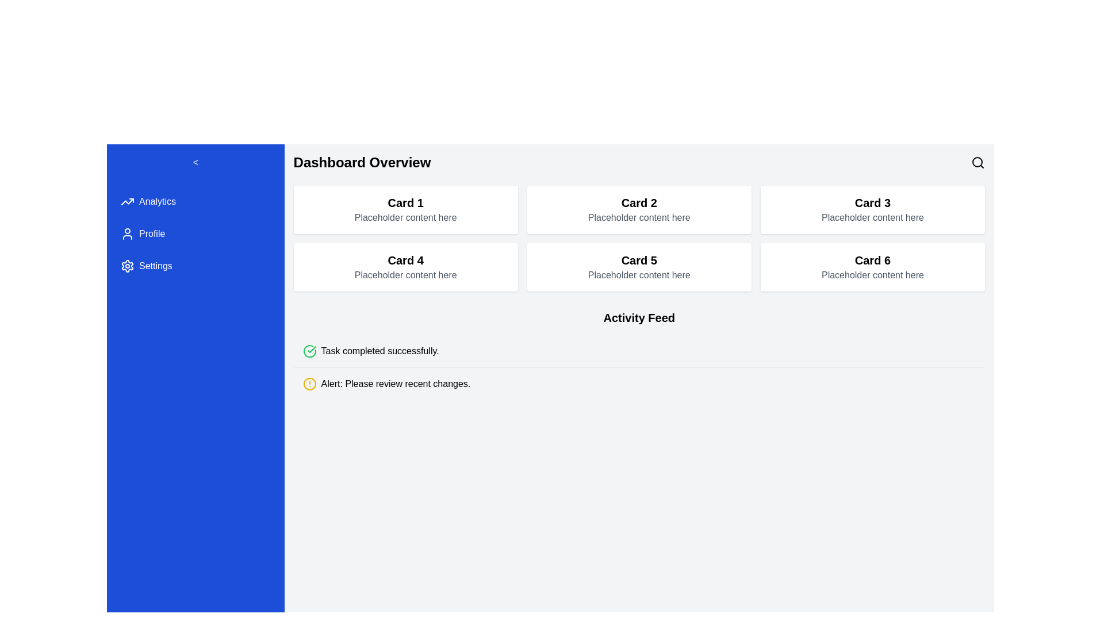  Describe the element at coordinates (638, 210) in the screenshot. I see `the display card positioned as the second item in a grid layout containing six cards, located at the center of the top row` at that location.